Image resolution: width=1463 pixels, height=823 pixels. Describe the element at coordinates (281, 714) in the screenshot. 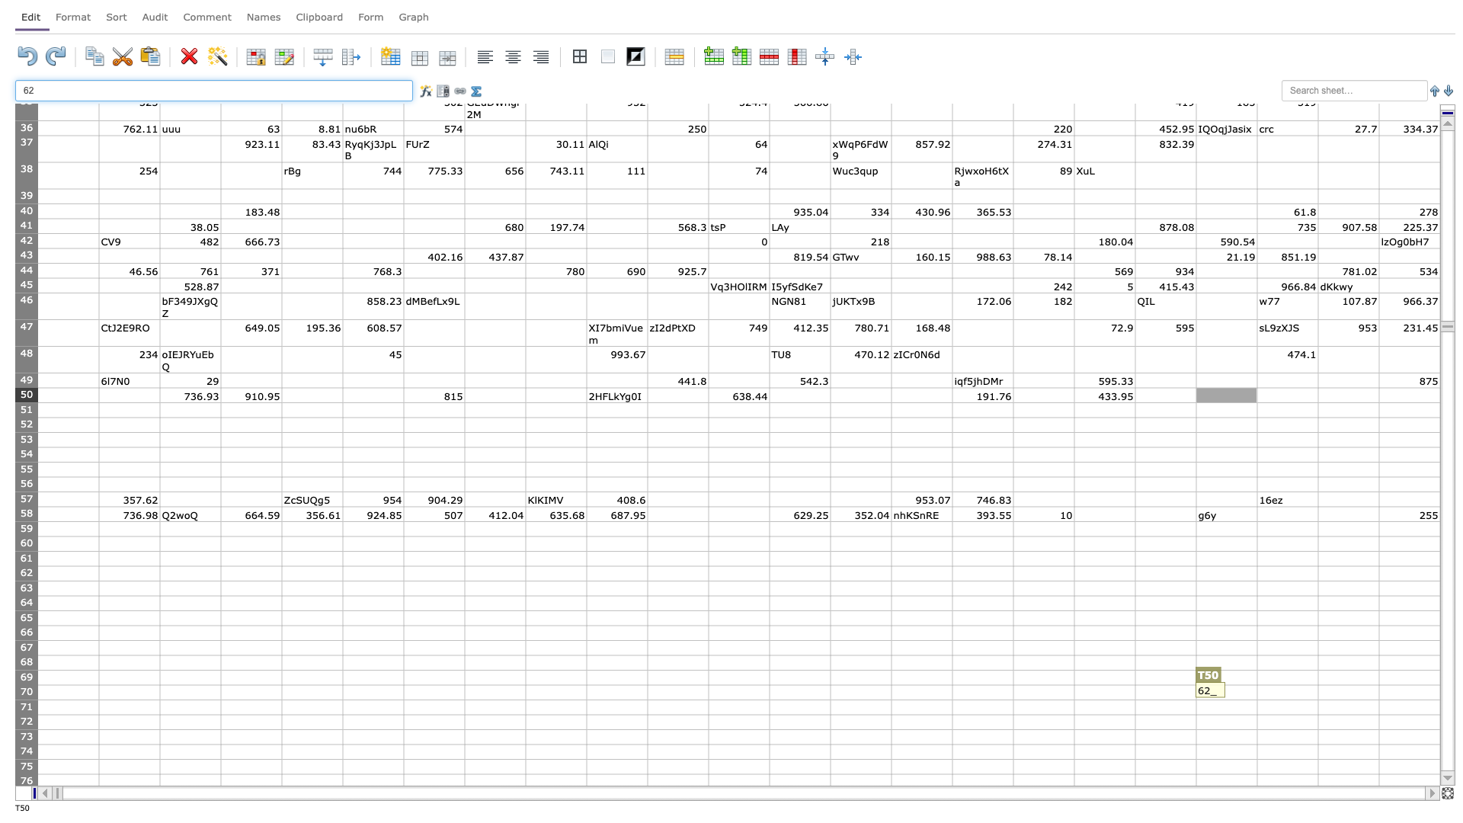

I see `fill handle of D71` at that location.